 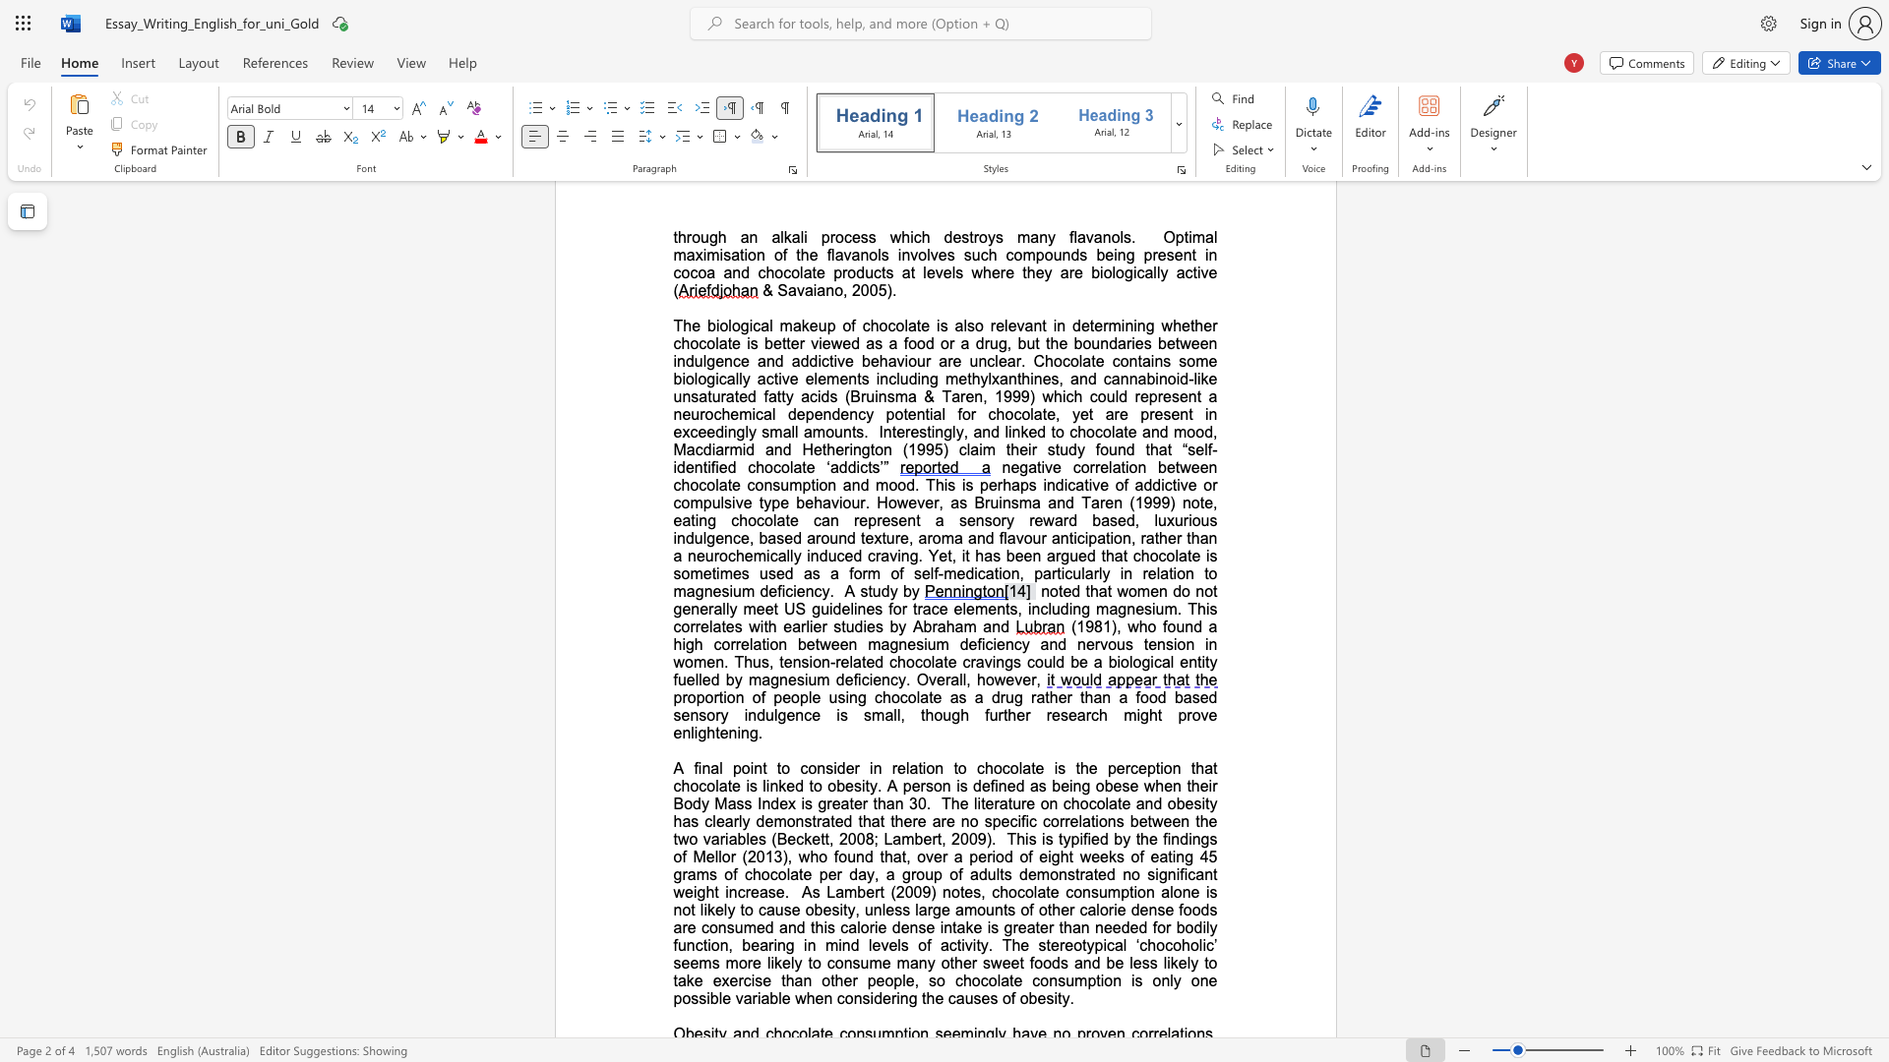 What do you see at coordinates (794, 980) in the screenshot?
I see `the subset text "an other people, so chocolate cons" within the text "of other calorie dense foods are consumed and this calorie dense intake is greater than needed for bodily function, bearing in mind levels of activity. The stereotypical ‘chocoholic’ seems more likely to consume many other sweet foods and be less likely to take exercise than other people, so chocolate consumption is only one possible variable when considering the causes of obesity."` at bounding box center [794, 980].